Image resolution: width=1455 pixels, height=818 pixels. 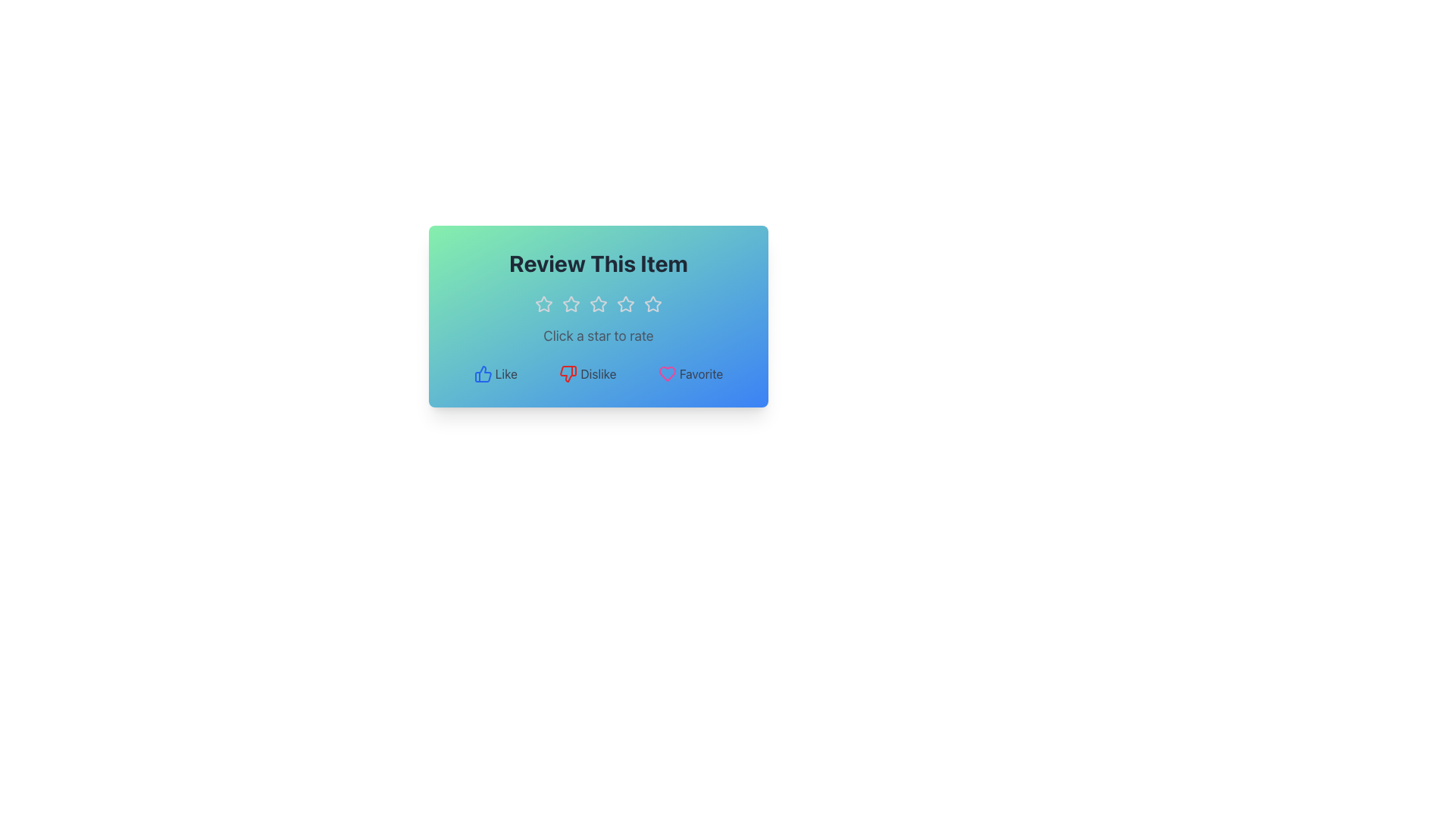 What do you see at coordinates (506, 373) in the screenshot?
I see `text label displaying the word 'Like' in bold, dark font, positioned under the heading 'Review This Item' and next to the thumbs-up icon` at bounding box center [506, 373].